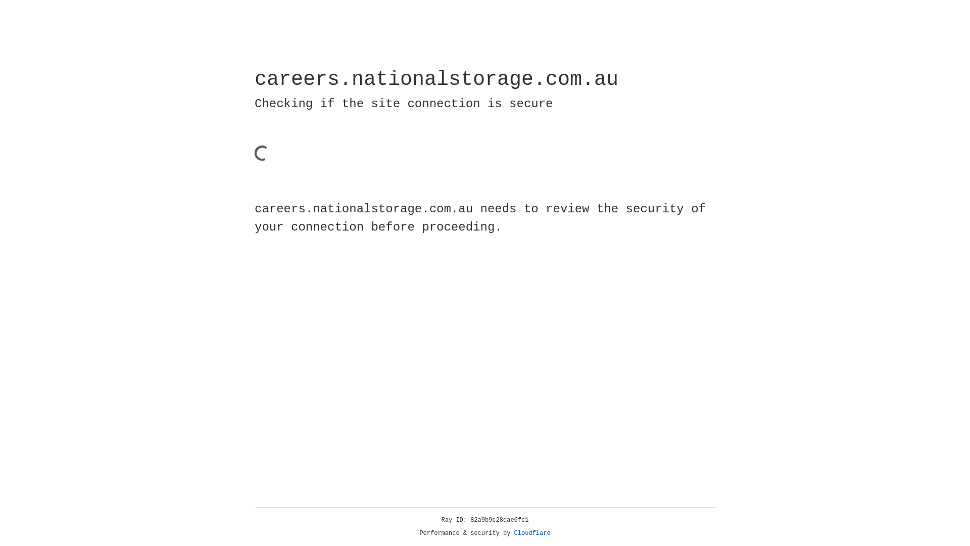  Describe the element at coordinates (532, 533) in the screenshot. I see `'Cloudflare'` at that location.